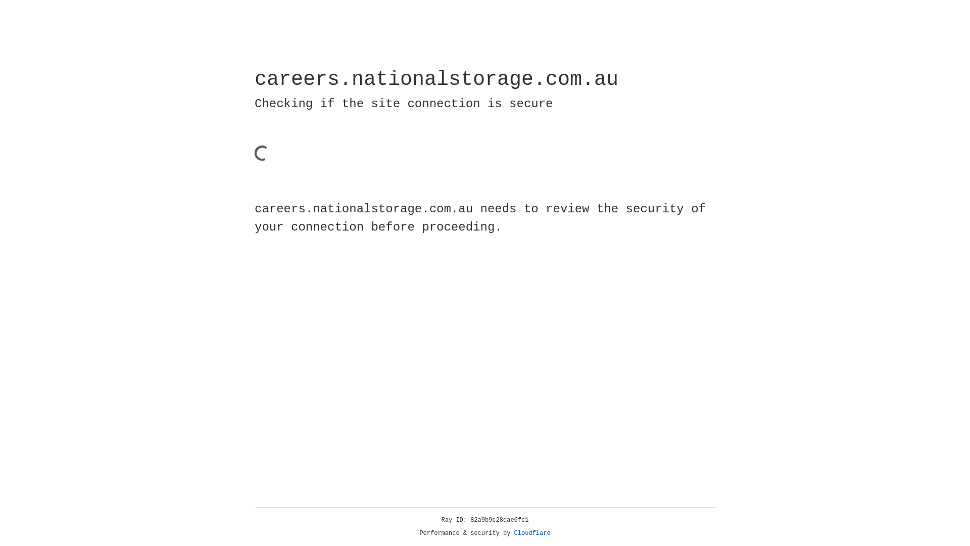  Describe the element at coordinates (532, 533) in the screenshot. I see `'Cloudflare'` at that location.